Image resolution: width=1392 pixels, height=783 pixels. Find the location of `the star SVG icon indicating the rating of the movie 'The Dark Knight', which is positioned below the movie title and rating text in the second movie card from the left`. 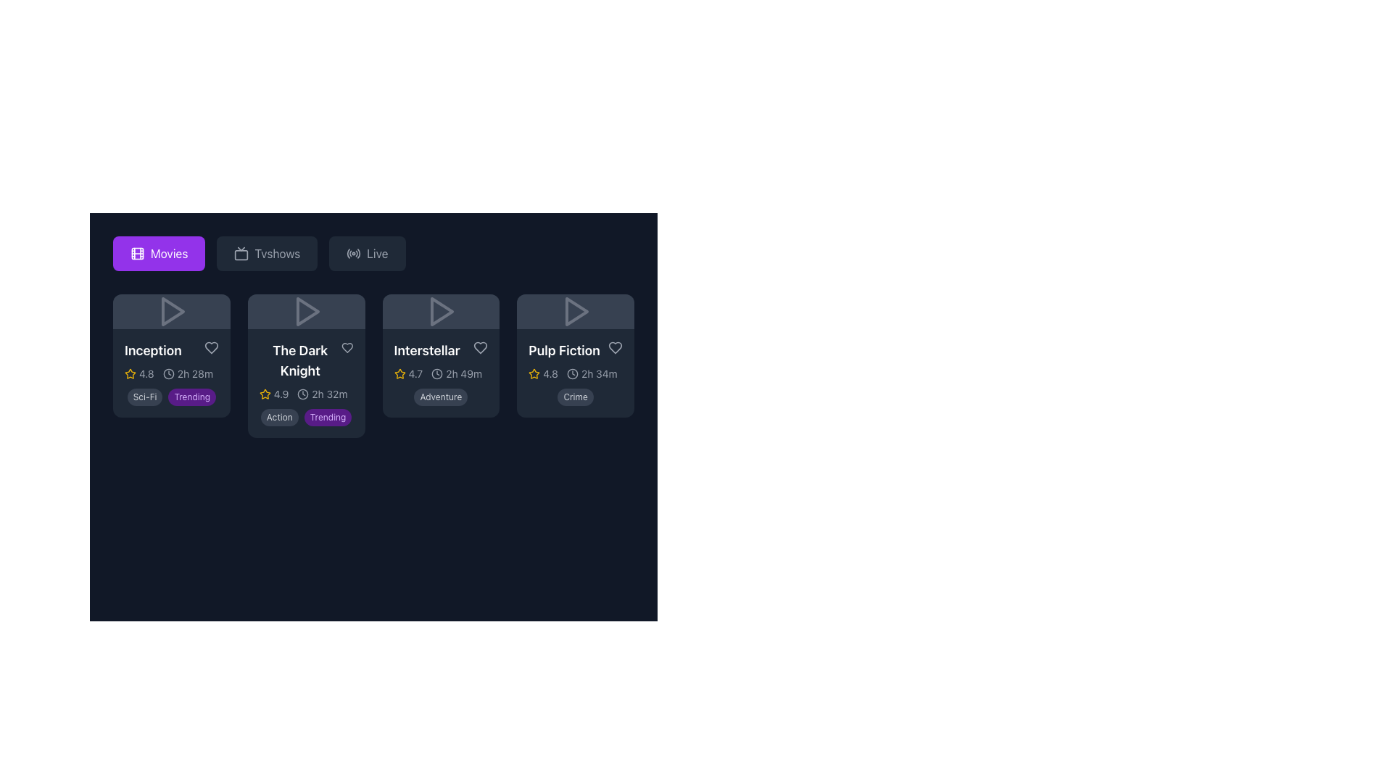

the star SVG icon indicating the rating of the movie 'The Dark Knight', which is positioned below the movie title and rating text in the second movie card from the left is located at coordinates (265, 394).